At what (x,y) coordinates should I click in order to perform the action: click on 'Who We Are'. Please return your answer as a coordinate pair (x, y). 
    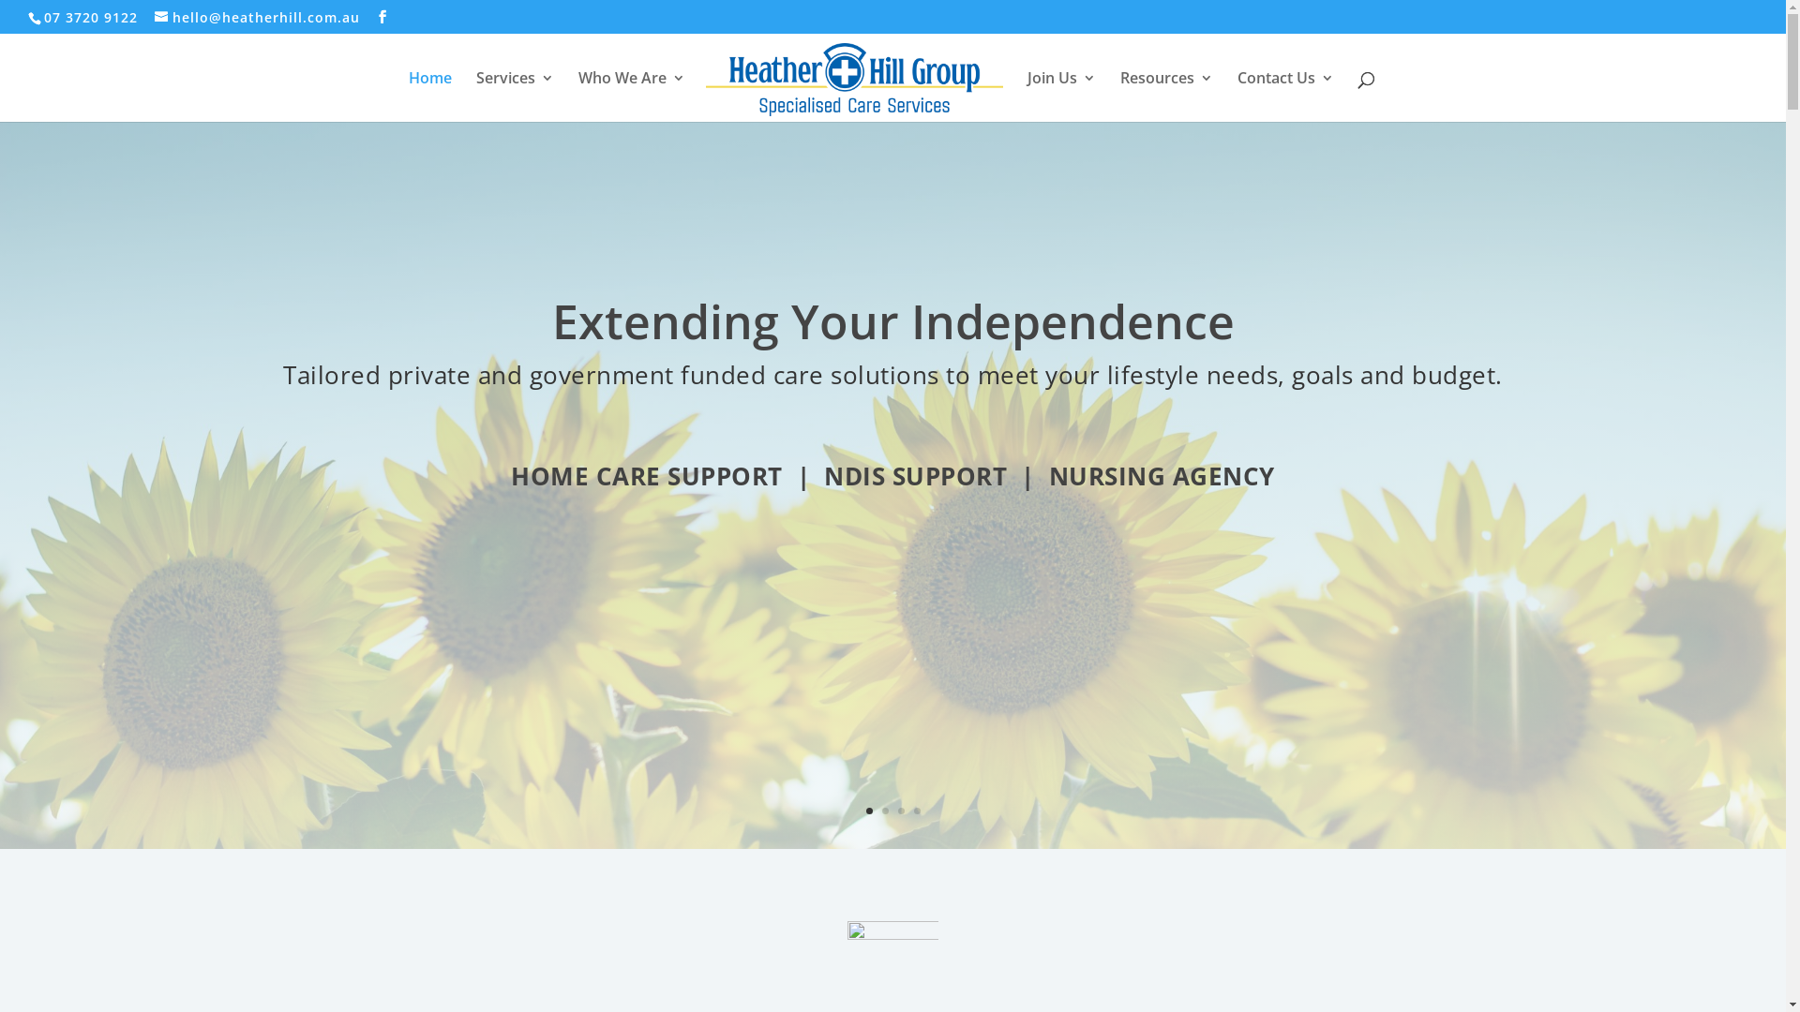
    Looking at the image, I should click on (631, 97).